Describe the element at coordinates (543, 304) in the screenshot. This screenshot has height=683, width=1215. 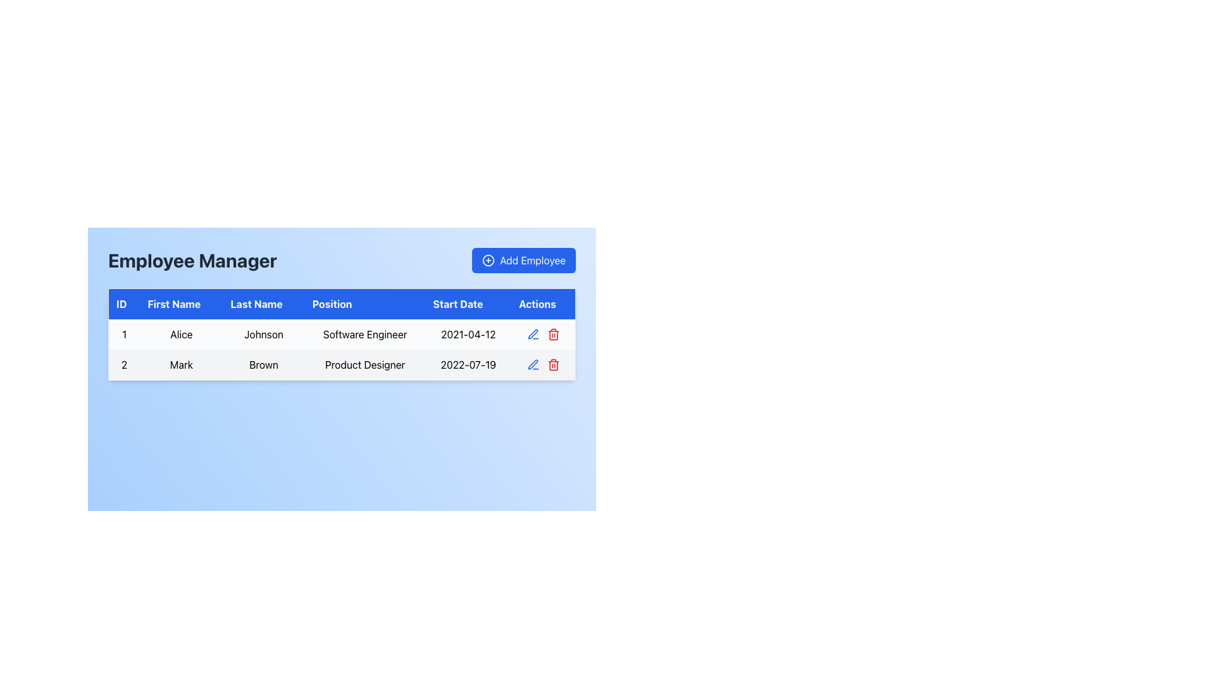
I see `the blue rectangular block containing the text 'Actions' in white, which is the last column header in the table, positioned at the top-right of the interface` at that location.